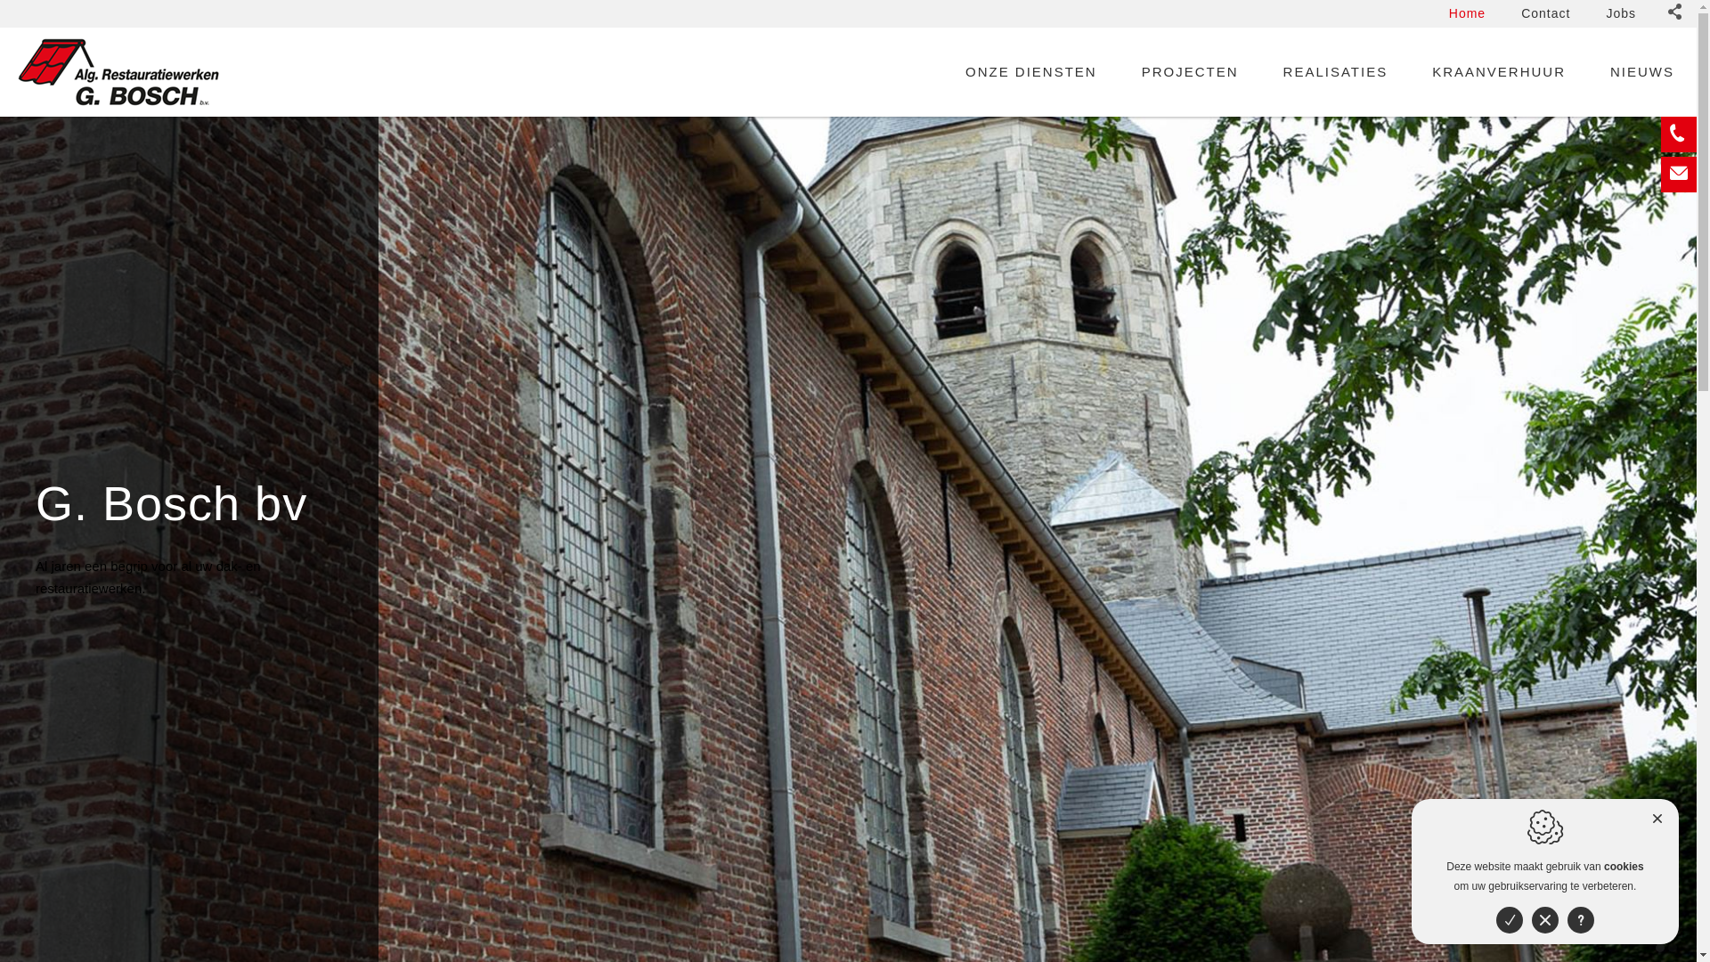 This screenshot has height=962, width=1710. I want to click on 'Home', so click(1467, 13).